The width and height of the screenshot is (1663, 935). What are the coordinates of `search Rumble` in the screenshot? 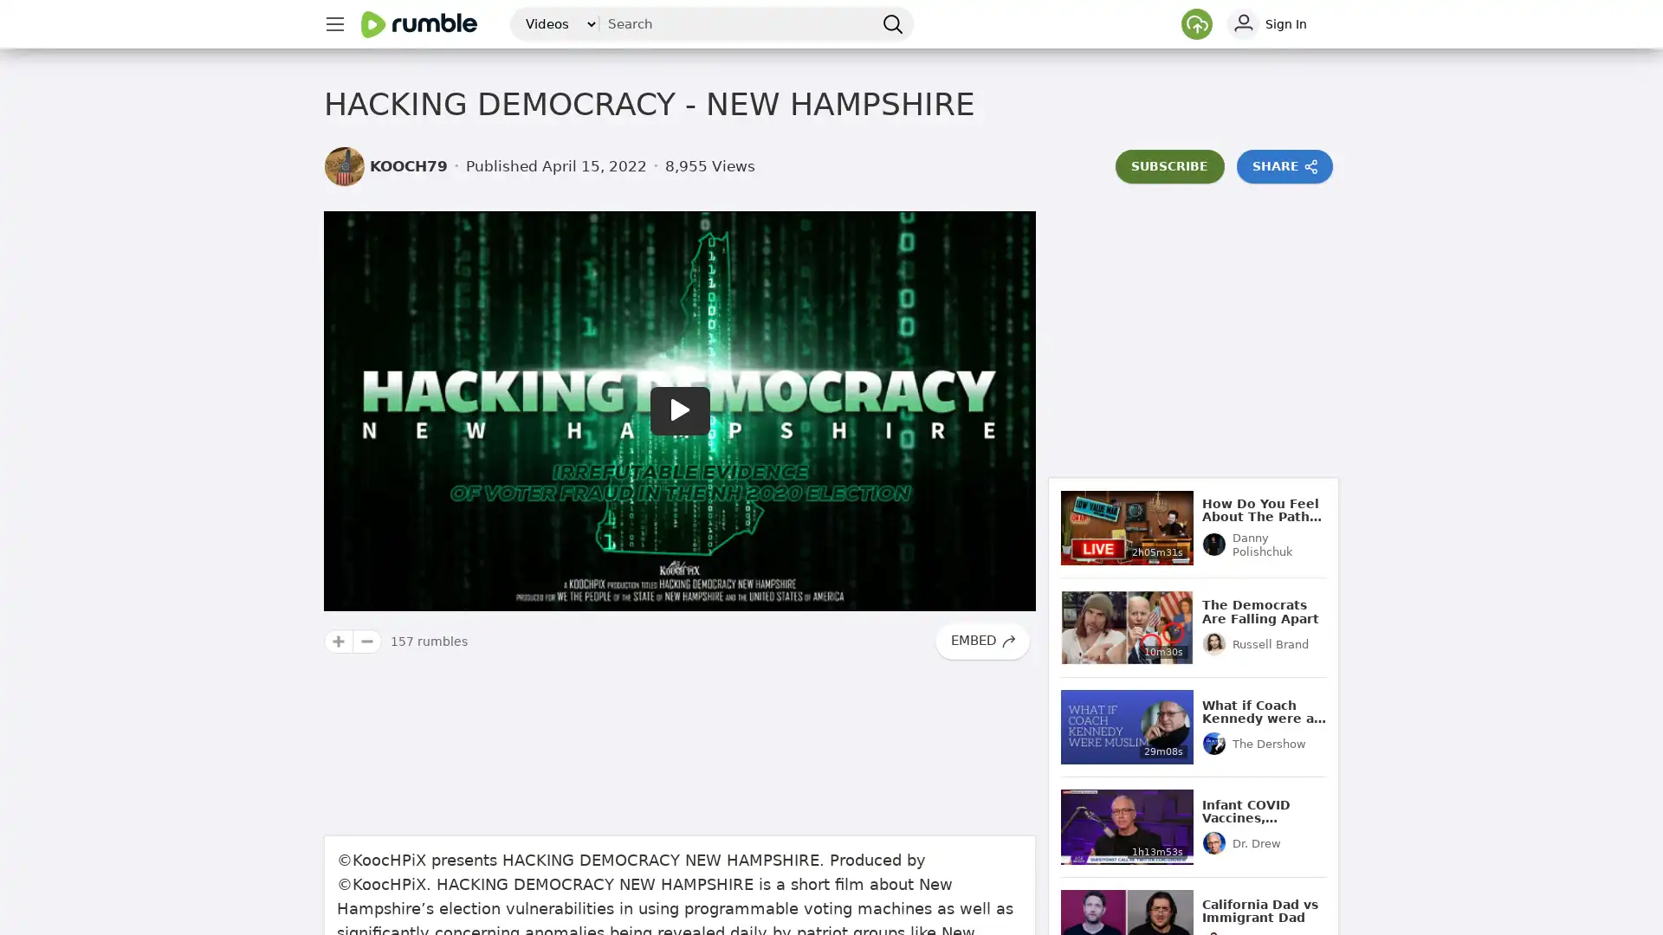 It's located at (892, 23).